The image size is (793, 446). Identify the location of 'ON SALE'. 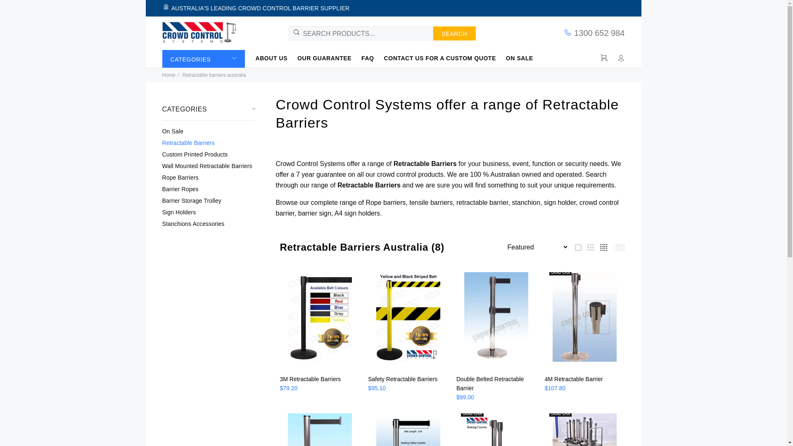
(517, 57).